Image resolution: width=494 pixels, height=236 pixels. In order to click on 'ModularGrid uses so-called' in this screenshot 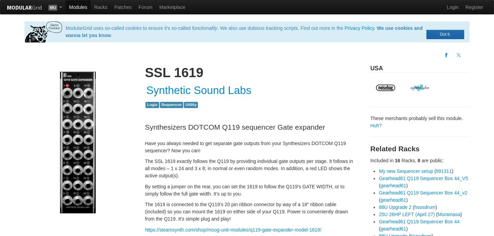, I will do `click(95, 28)`.